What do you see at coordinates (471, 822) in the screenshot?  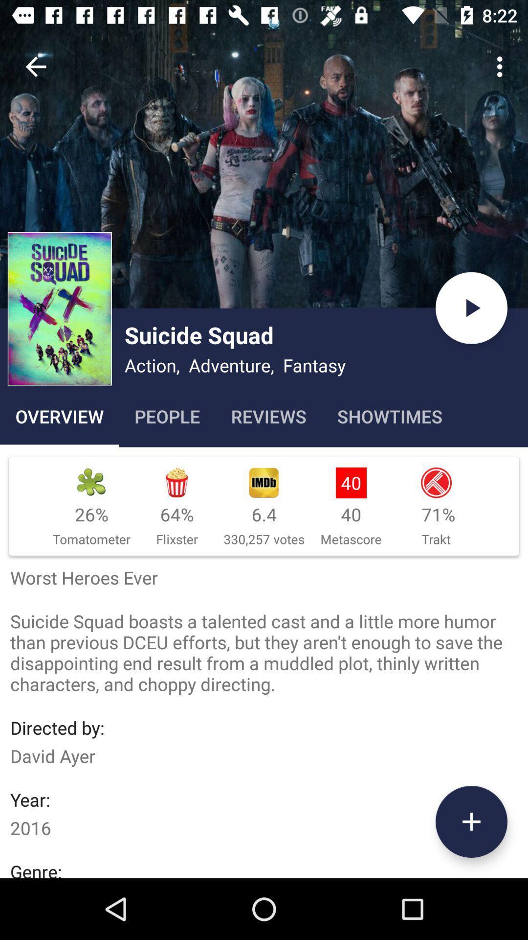 I see `the add icon` at bounding box center [471, 822].